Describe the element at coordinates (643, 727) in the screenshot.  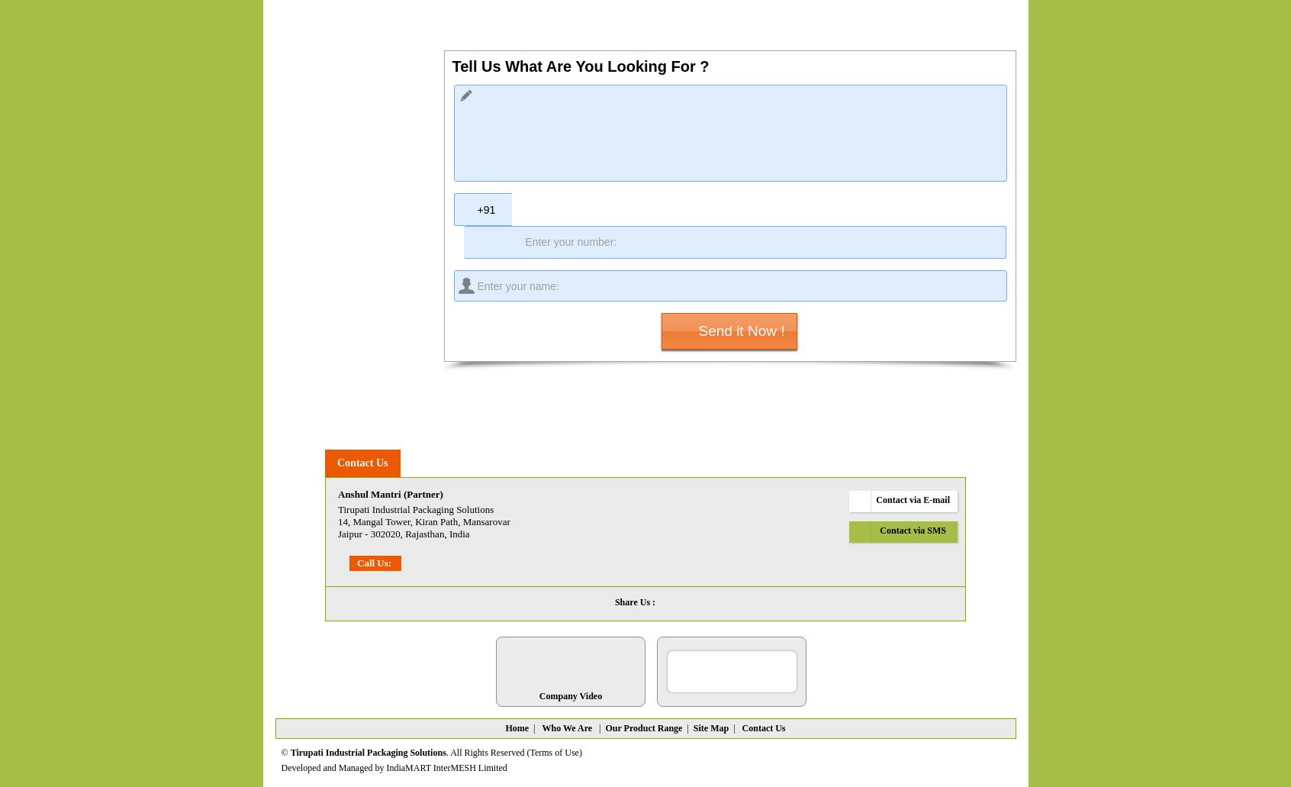
I see `'Our Product Range'` at that location.